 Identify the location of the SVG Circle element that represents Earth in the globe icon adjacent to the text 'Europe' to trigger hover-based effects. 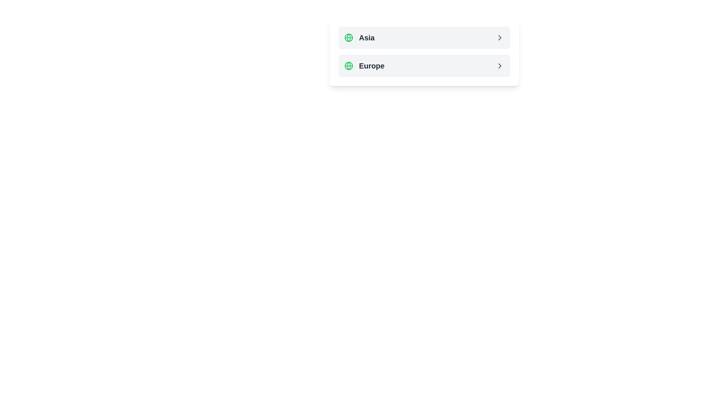
(348, 37).